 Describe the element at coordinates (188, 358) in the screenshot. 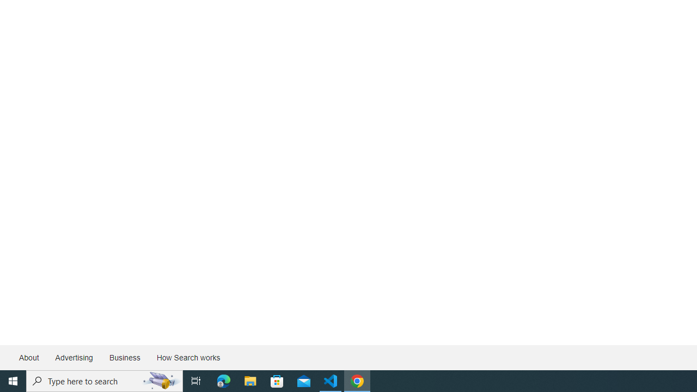

I see `'How Search works'` at that location.